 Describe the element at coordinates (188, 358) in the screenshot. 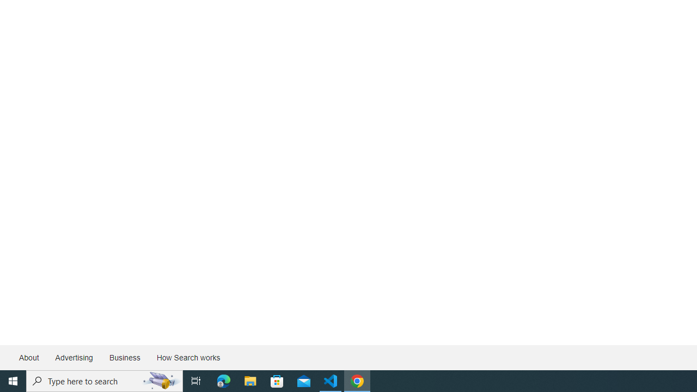

I see `'How Search works'` at that location.